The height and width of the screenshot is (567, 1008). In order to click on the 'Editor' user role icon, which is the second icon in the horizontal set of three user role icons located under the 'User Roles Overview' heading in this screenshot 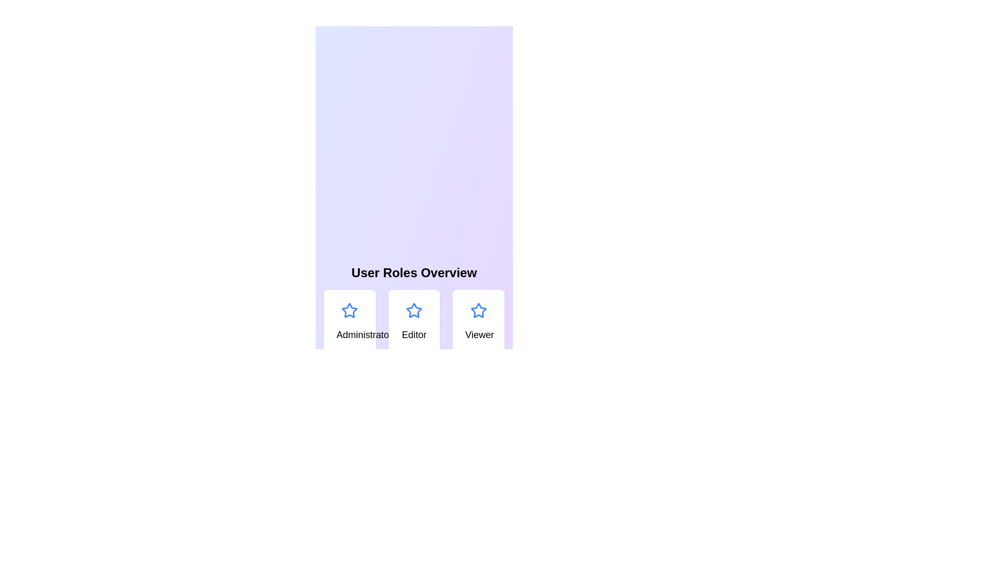, I will do `click(413, 310)`.